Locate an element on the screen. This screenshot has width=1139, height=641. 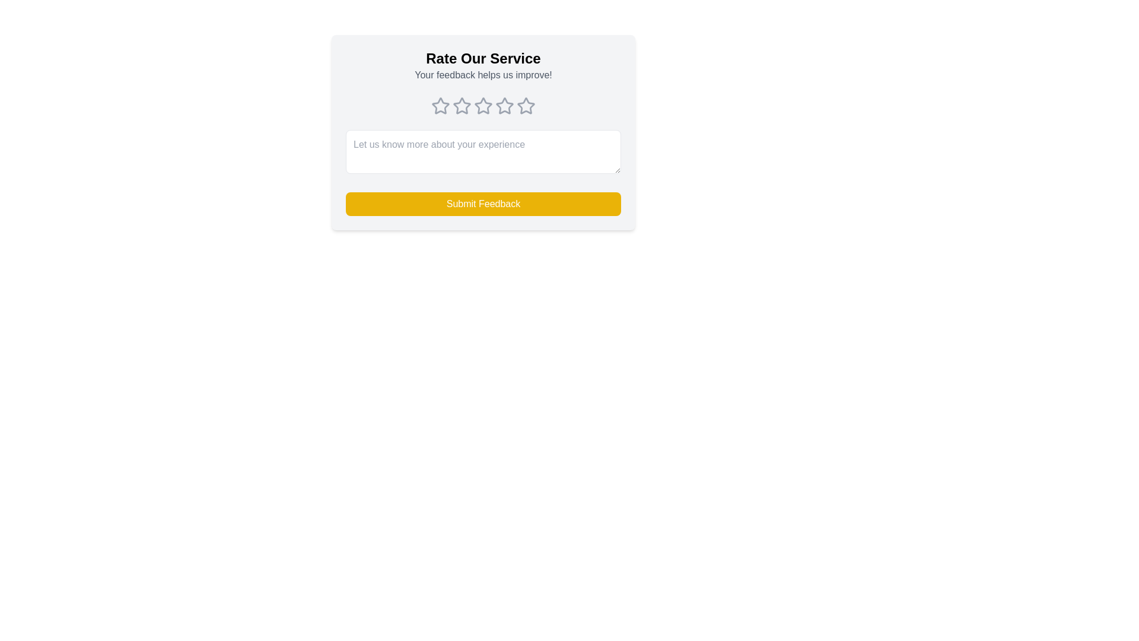
the text input field located centrally within the feedback form, positioned below the star rating icons and above the 'Submit Feedback' button is located at coordinates (483, 151).